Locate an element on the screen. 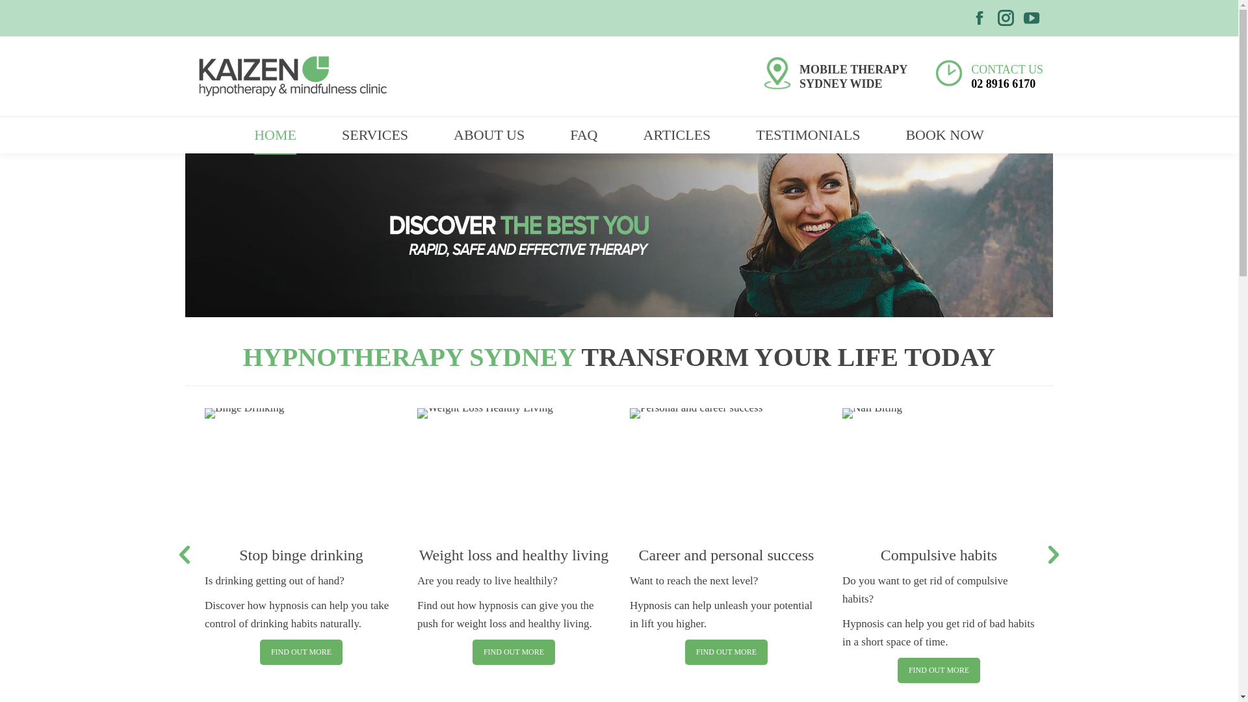 The image size is (1248, 702). 'ARTICLES' is located at coordinates (676, 135).